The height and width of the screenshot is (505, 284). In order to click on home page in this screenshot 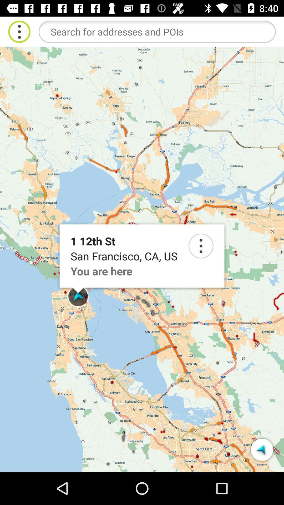, I will do `click(19, 31)`.